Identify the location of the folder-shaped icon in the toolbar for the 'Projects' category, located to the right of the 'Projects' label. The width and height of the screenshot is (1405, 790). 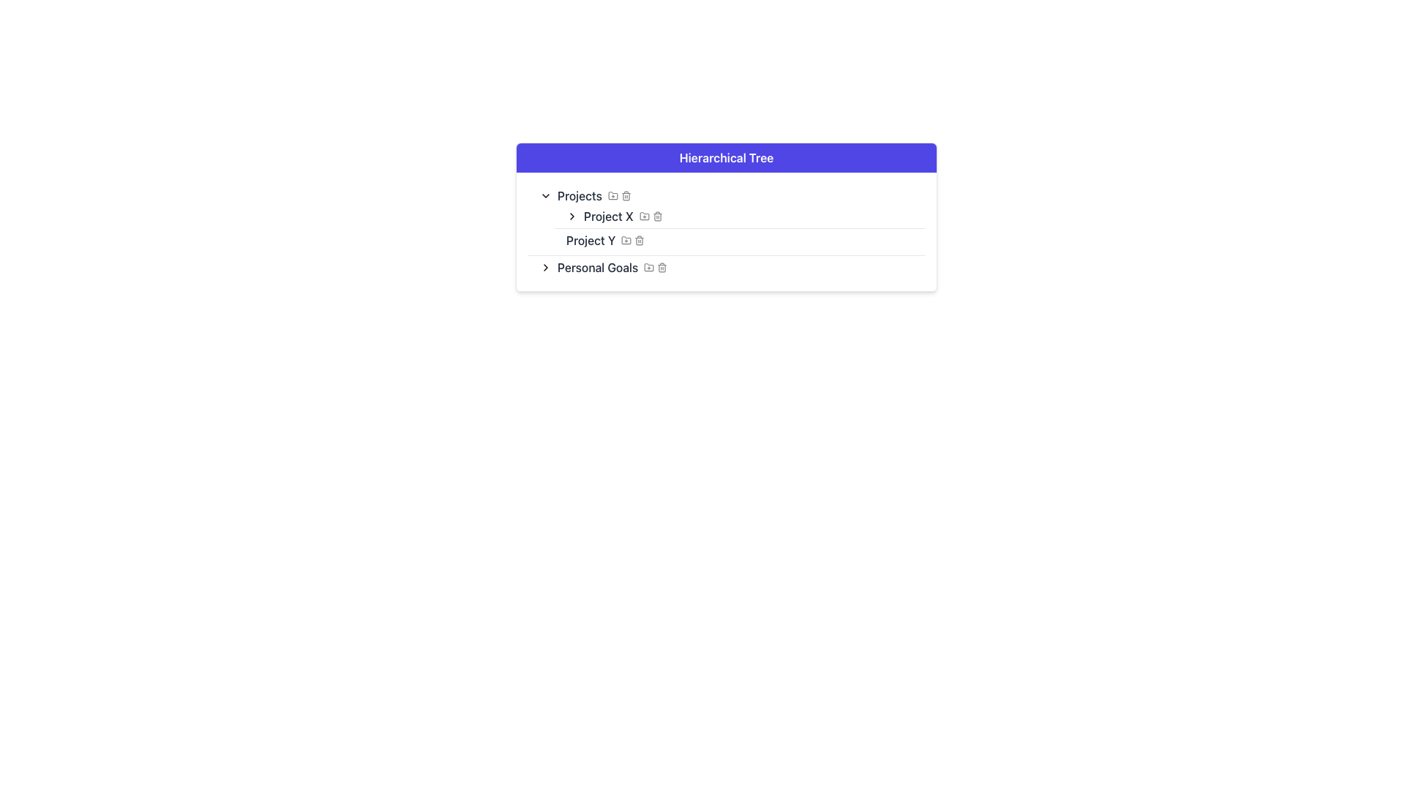
(612, 195).